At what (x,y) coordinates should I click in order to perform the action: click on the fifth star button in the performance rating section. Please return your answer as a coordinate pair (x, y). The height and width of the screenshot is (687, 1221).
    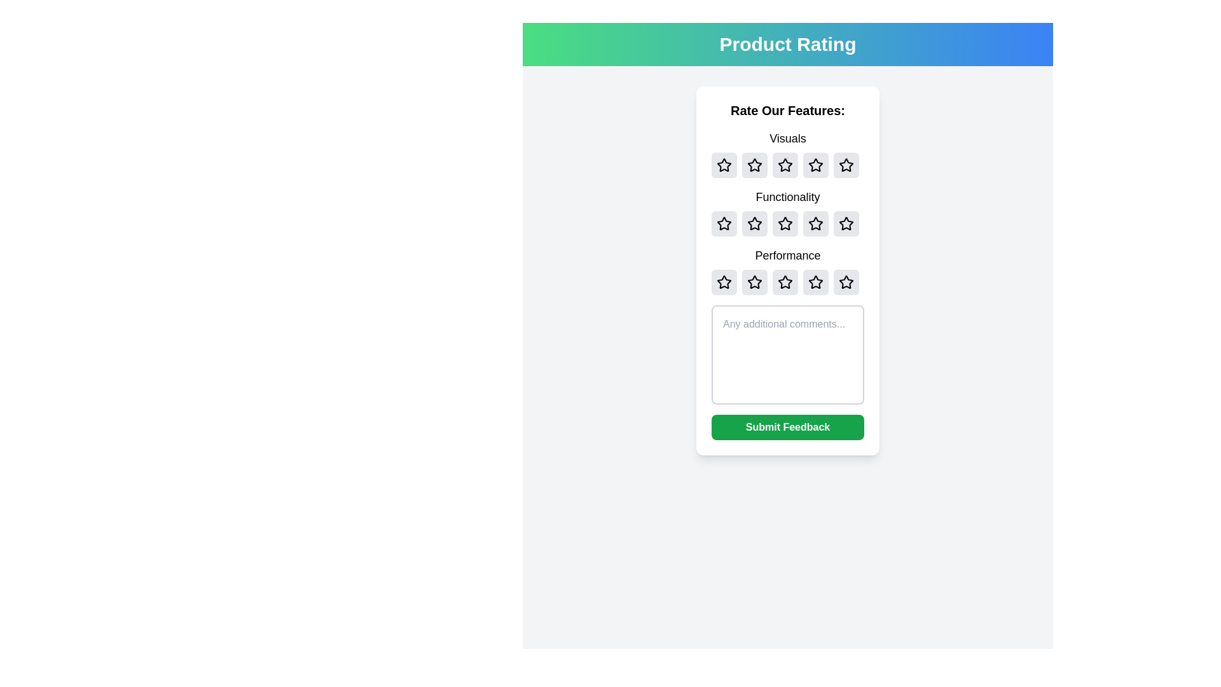
    Looking at the image, I should click on (846, 281).